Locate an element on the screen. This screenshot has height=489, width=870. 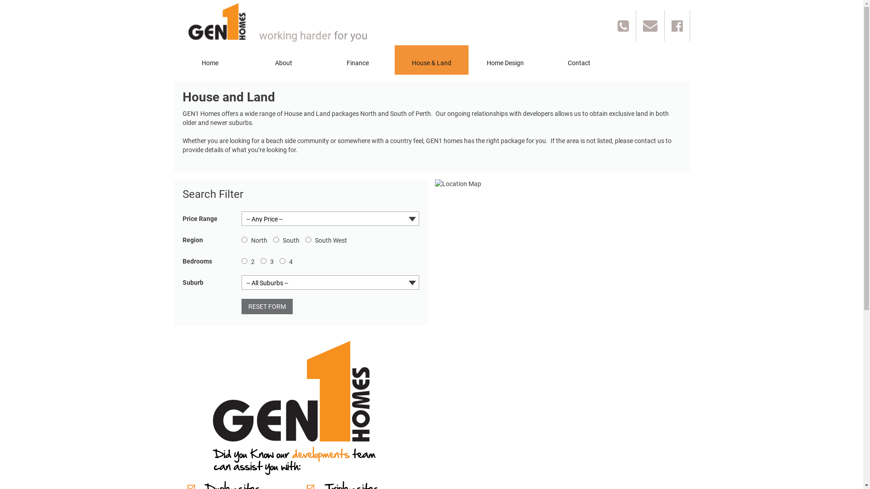
'Finance' is located at coordinates (321, 62).